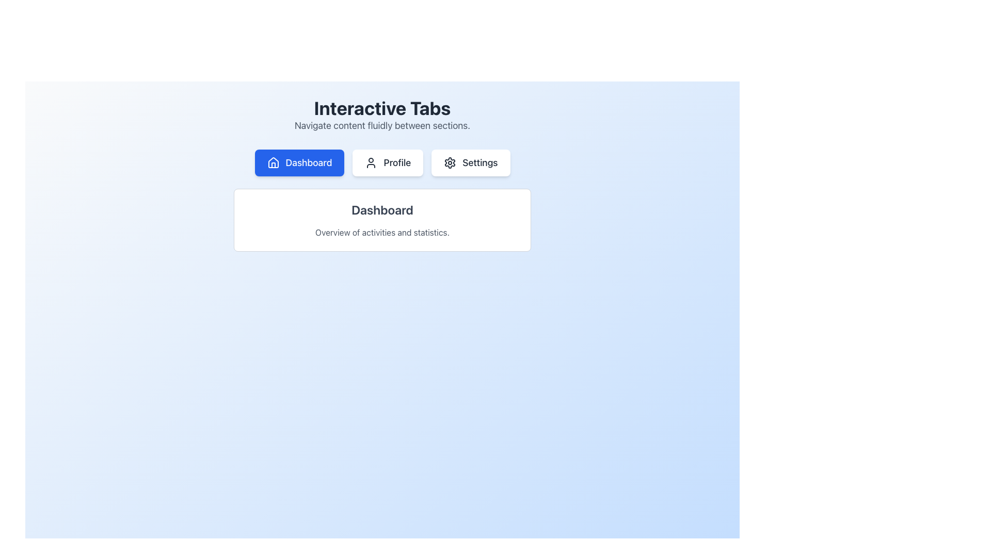 The width and height of the screenshot is (991, 557). Describe the element at coordinates (450, 162) in the screenshot. I see `the gear icon located at the top right corner of the tab bar` at that location.